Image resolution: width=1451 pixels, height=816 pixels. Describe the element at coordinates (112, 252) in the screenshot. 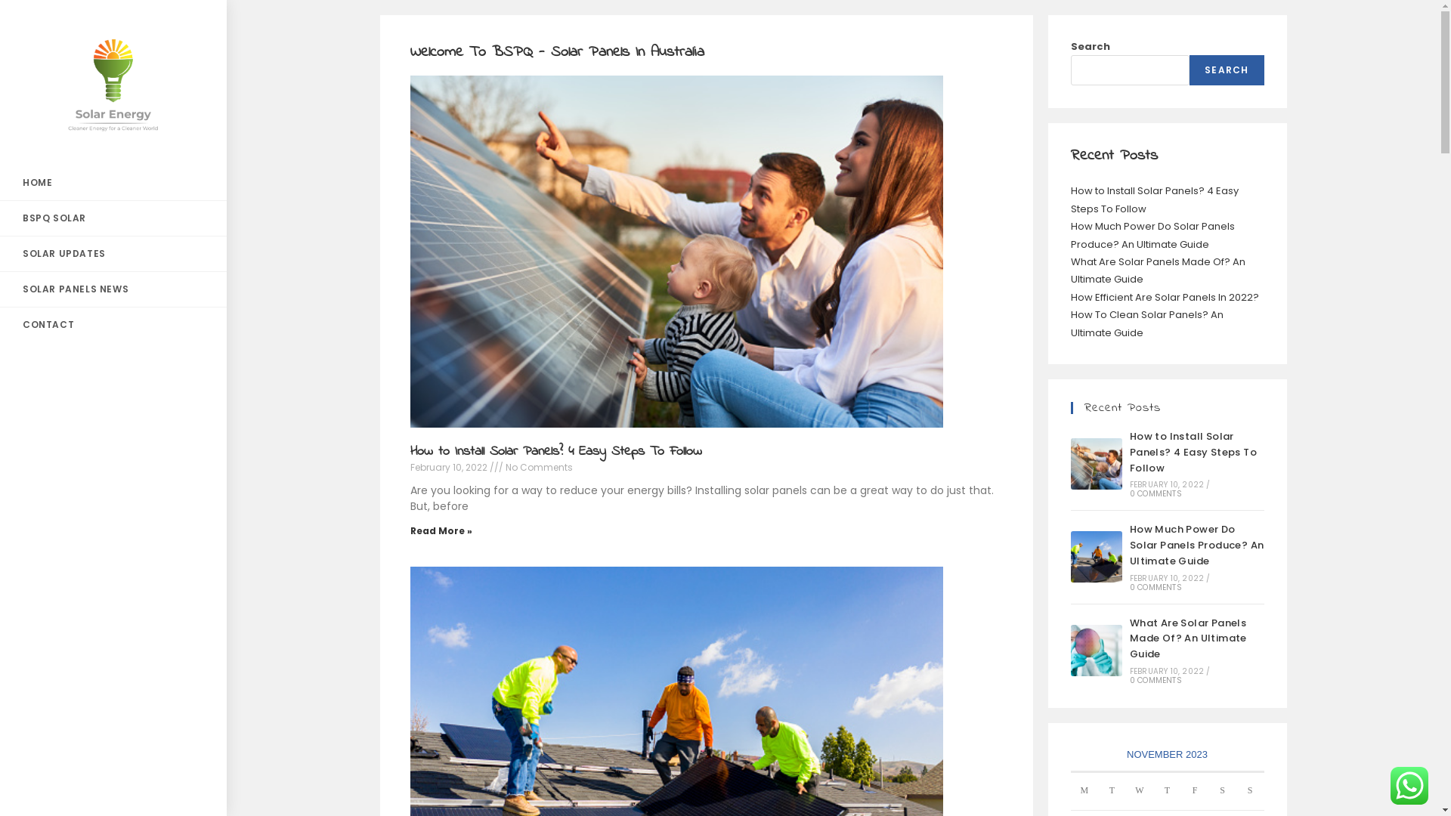

I see `'SOLAR UPDATES'` at that location.